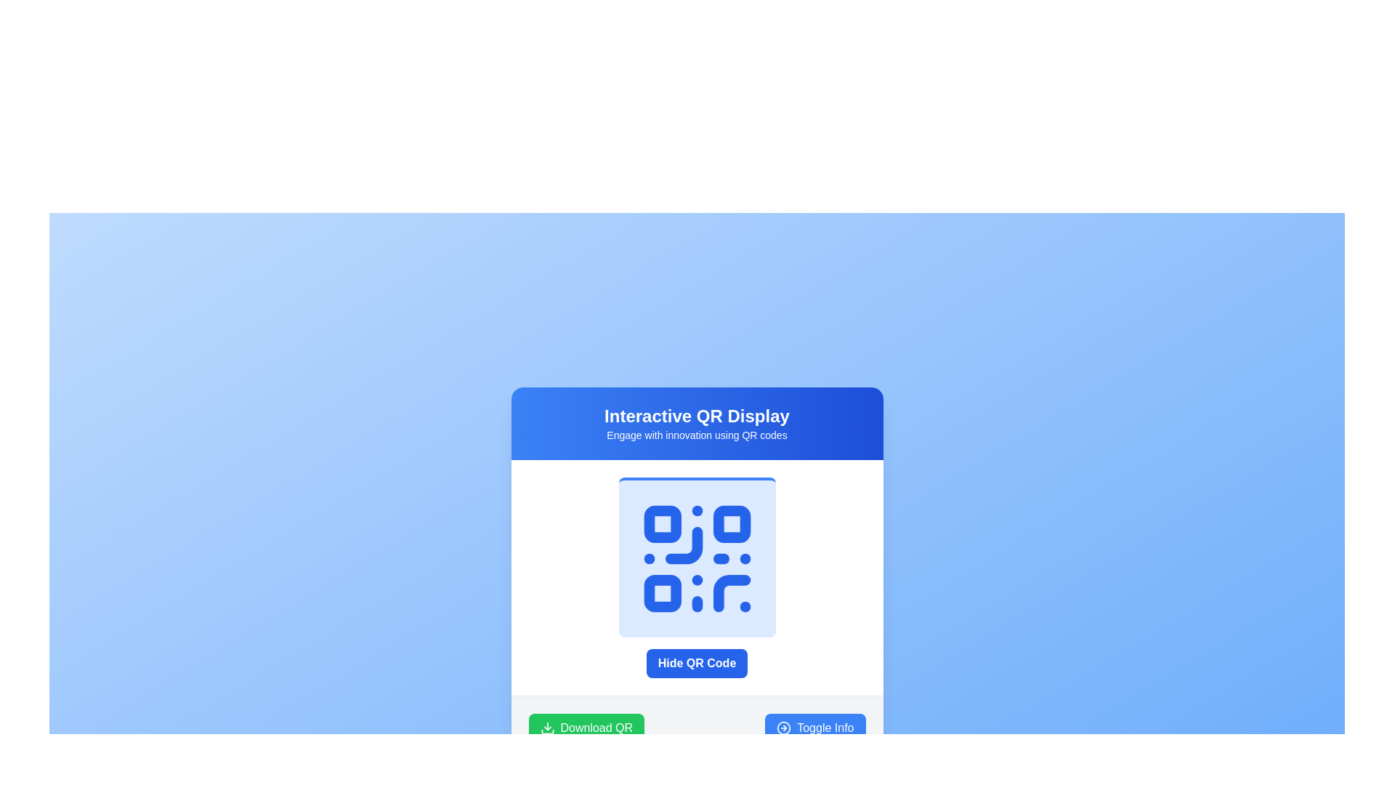  Describe the element at coordinates (732, 523) in the screenshot. I see `the small blue square with rounded corners, which is the second square in the top row of the QR code graphic` at that location.